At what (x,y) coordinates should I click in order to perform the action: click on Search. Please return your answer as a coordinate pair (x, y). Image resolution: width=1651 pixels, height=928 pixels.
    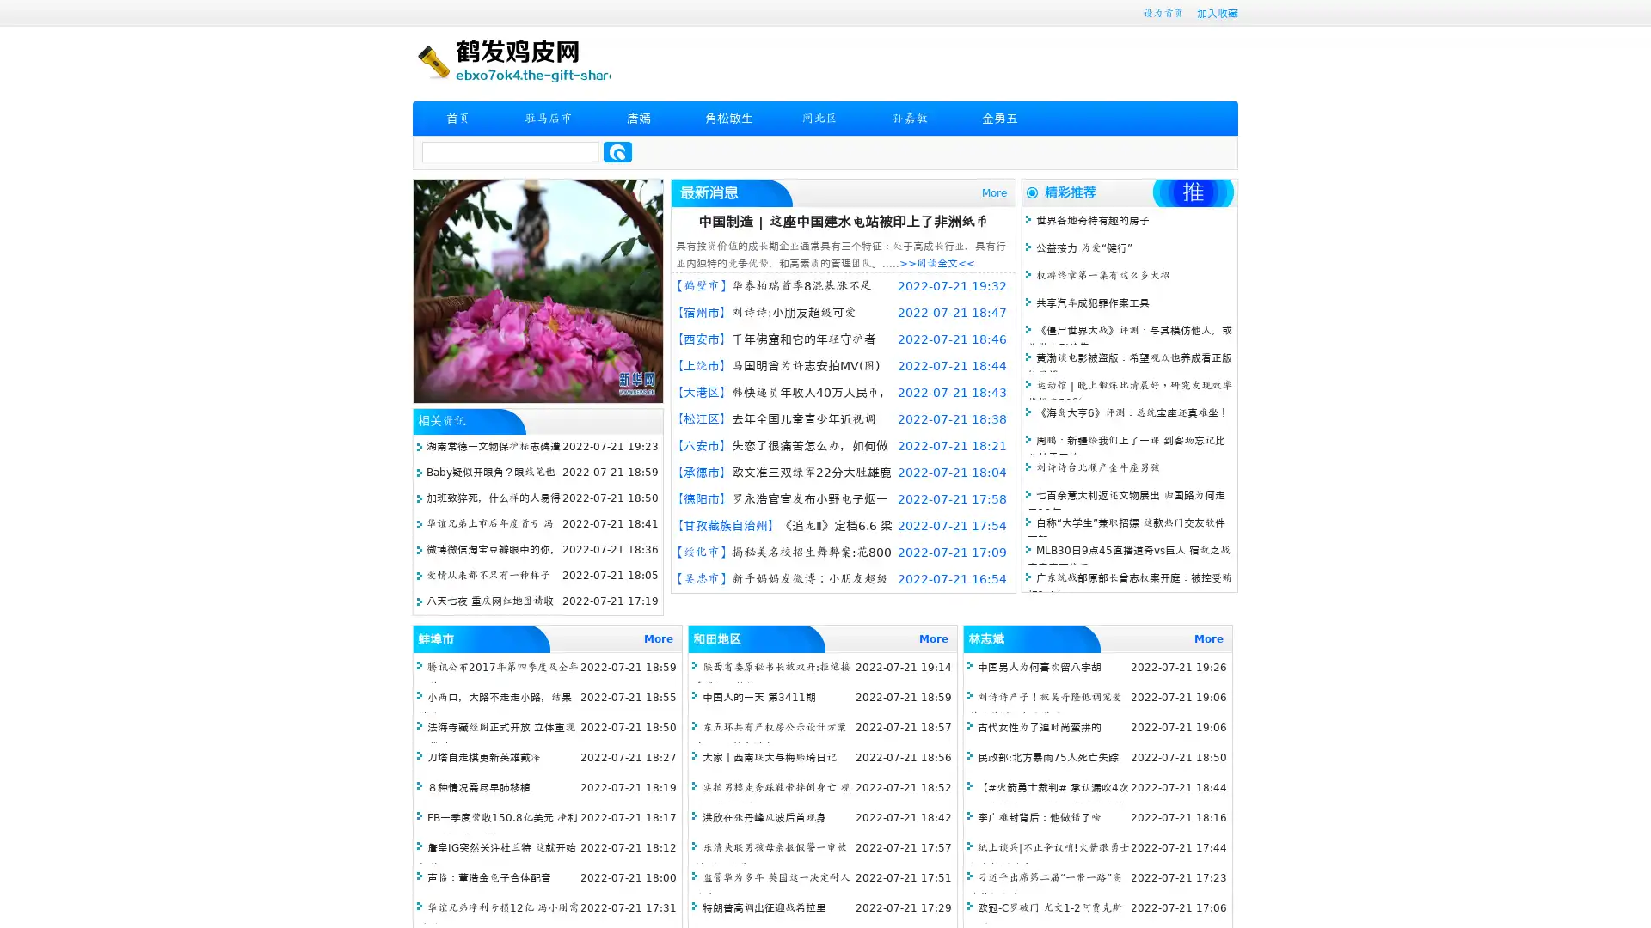
    Looking at the image, I should click on (617, 151).